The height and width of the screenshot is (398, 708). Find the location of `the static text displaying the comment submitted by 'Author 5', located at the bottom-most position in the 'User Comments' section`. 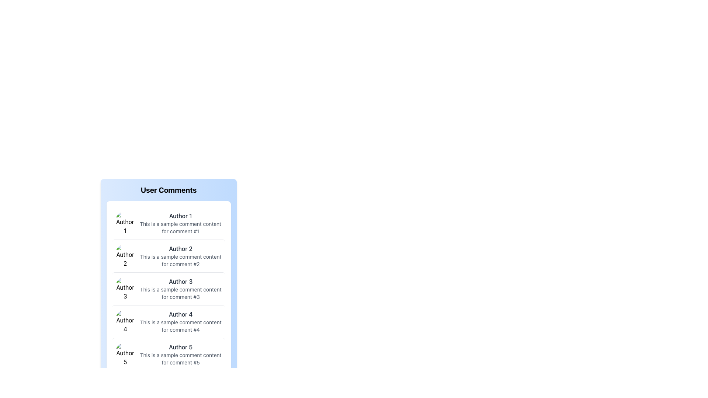

the static text displaying the comment submitted by 'Author 5', located at the bottom-most position in the 'User Comments' section is located at coordinates (181, 359).